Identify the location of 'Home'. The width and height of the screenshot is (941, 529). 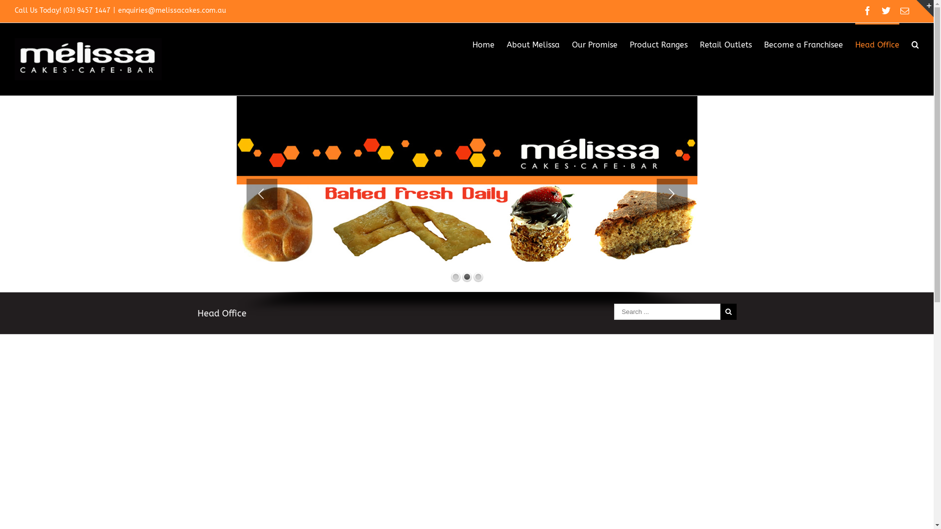
(483, 43).